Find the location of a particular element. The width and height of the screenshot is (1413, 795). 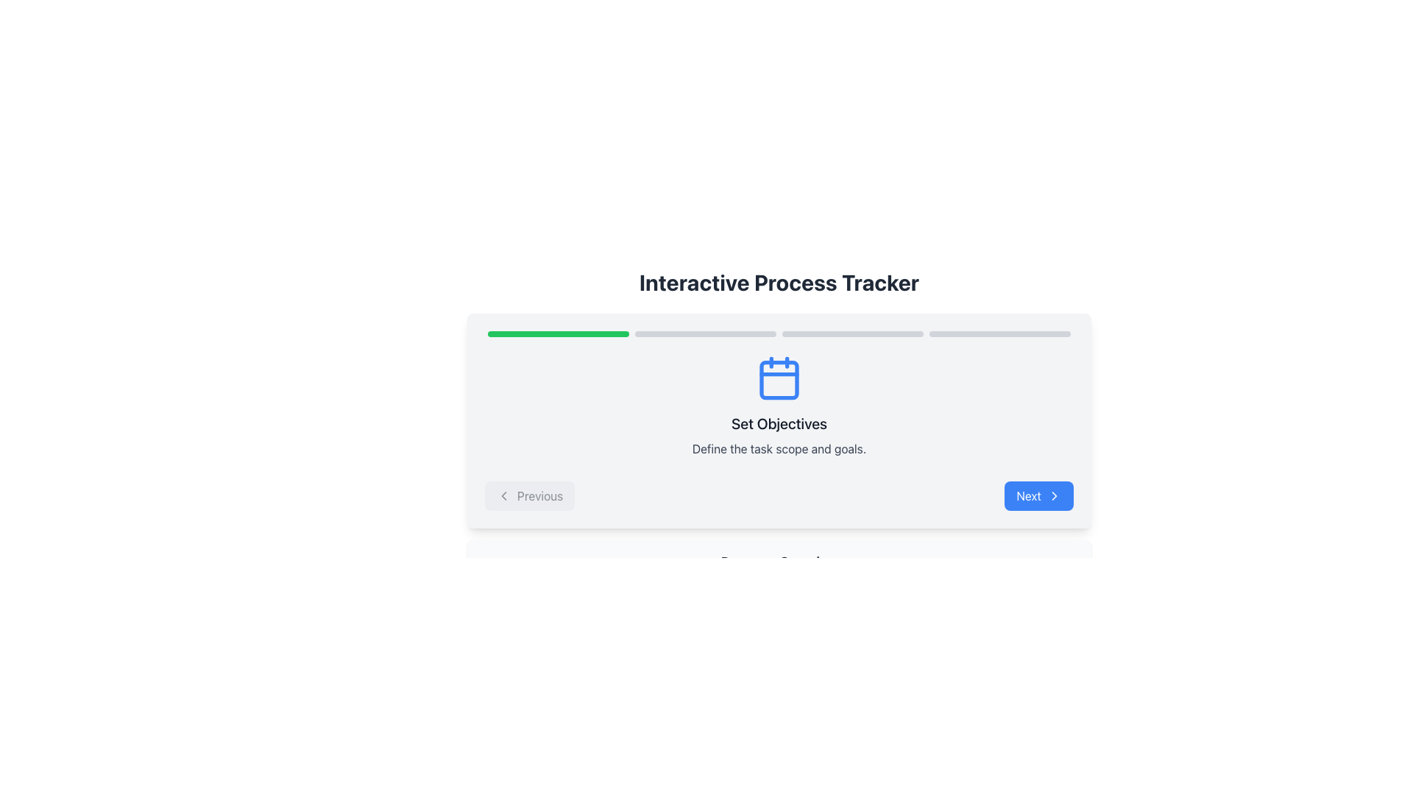

the left-facing chevron icon inside the 'Previous' button, which is located below the progress tracker bar and task description is located at coordinates (504, 496).